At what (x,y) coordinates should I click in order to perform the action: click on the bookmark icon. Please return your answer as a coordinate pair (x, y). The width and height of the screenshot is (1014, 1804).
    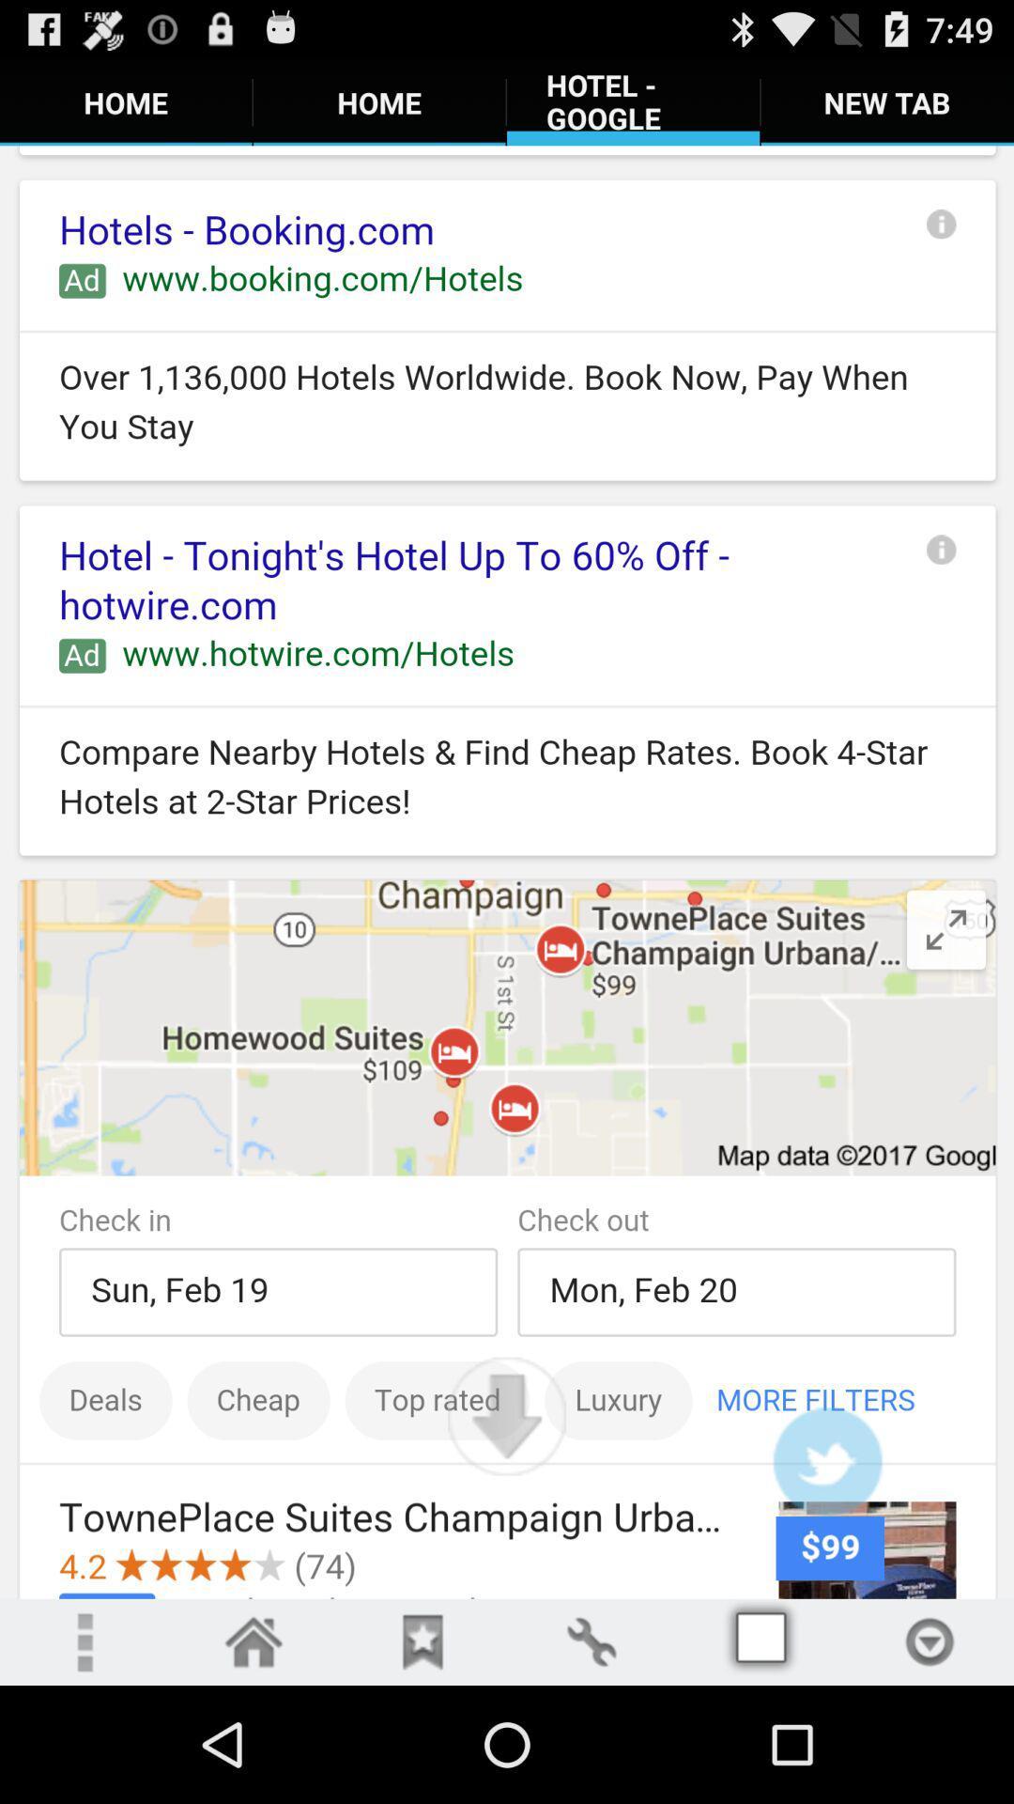
    Looking at the image, I should click on (422, 1756).